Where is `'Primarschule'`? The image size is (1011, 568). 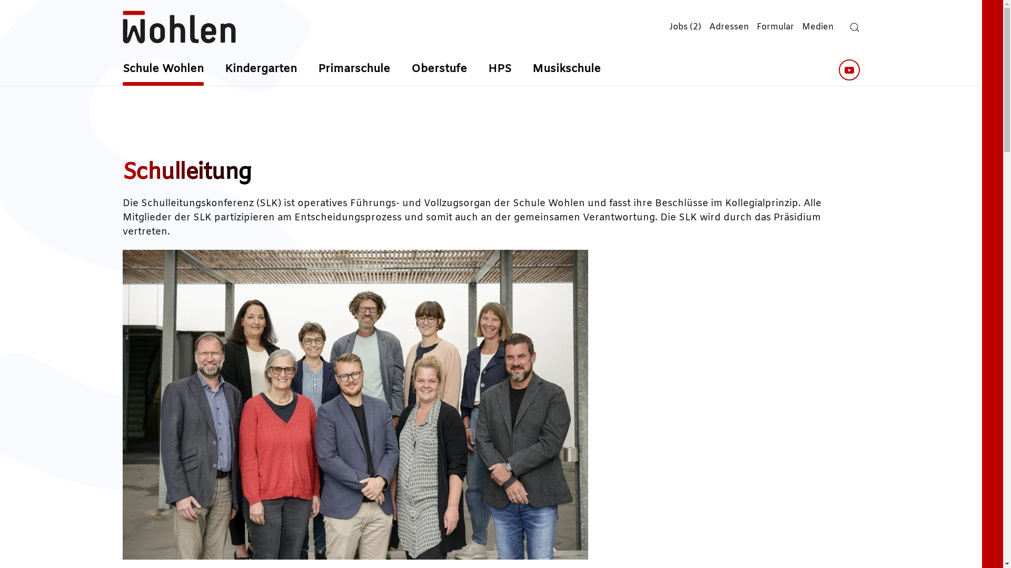
'Primarschule' is located at coordinates (354, 69).